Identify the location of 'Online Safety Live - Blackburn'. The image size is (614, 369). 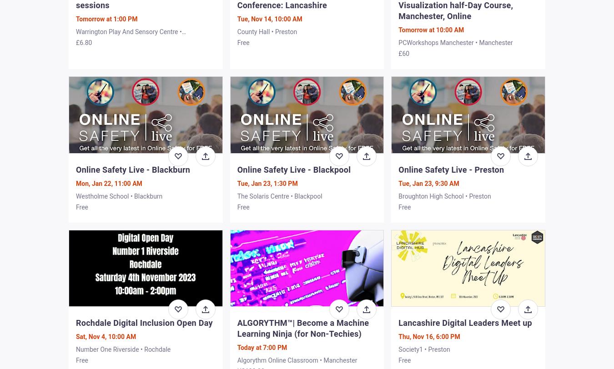
(132, 169).